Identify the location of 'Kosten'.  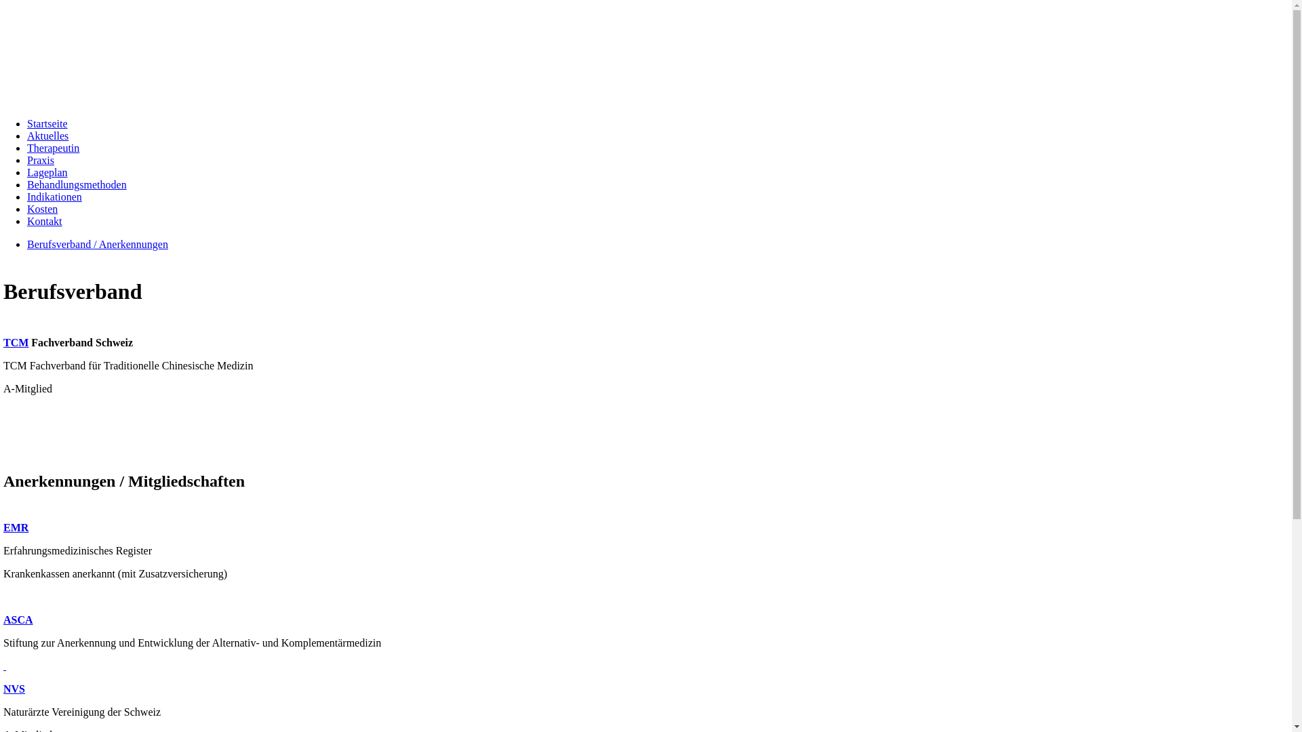
(42, 209).